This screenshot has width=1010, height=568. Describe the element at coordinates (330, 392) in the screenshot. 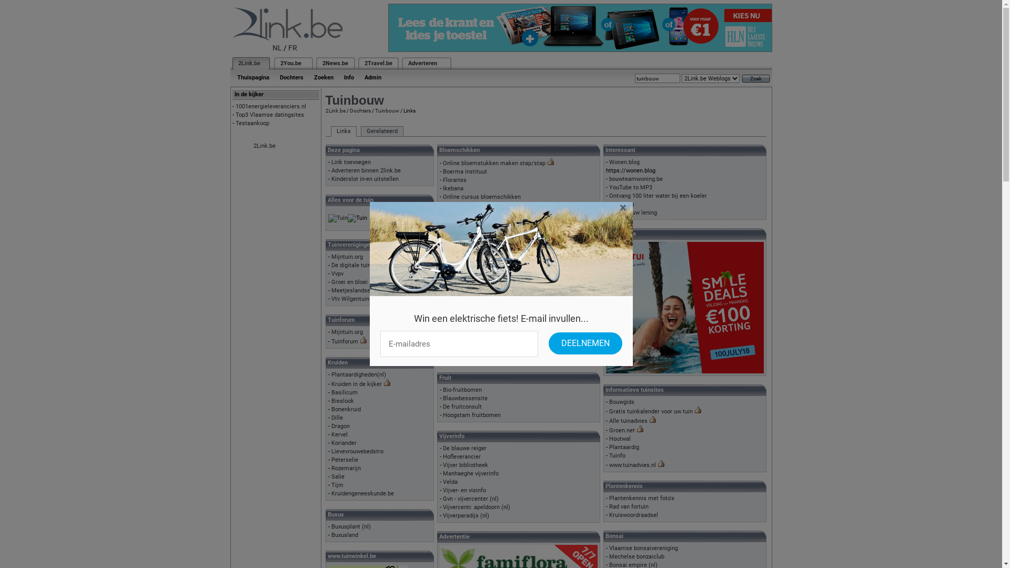

I see `'Basilicum'` at that location.